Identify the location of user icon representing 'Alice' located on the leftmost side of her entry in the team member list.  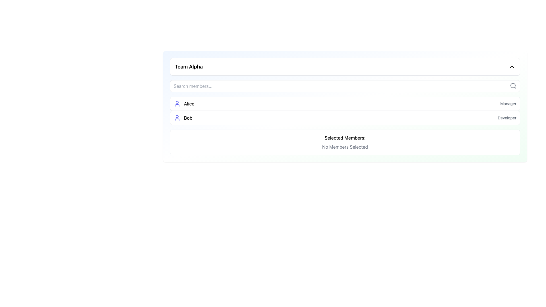
(177, 104).